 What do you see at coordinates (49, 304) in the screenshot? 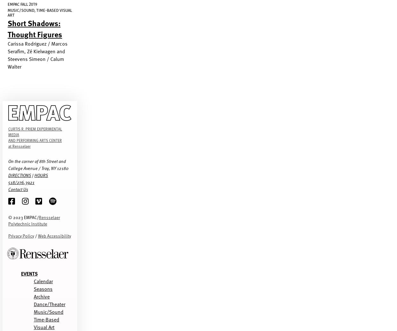
I see `'Dance/Theater'` at bounding box center [49, 304].